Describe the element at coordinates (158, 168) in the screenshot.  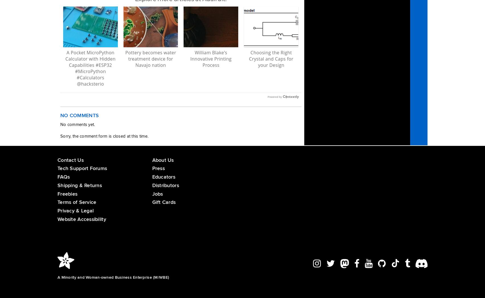
I see `'Press'` at that location.